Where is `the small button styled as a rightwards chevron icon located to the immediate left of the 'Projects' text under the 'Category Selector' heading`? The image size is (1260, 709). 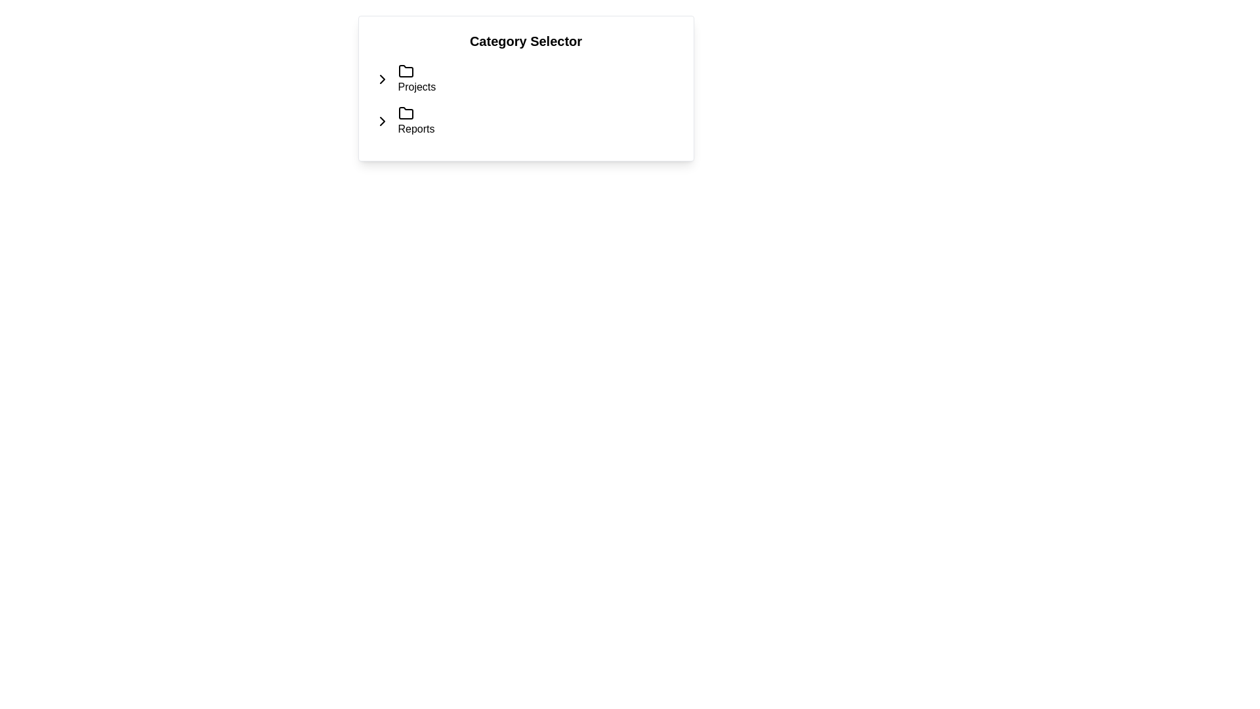
the small button styled as a rightwards chevron icon located to the immediate left of the 'Projects' text under the 'Category Selector' heading is located at coordinates (381, 79).